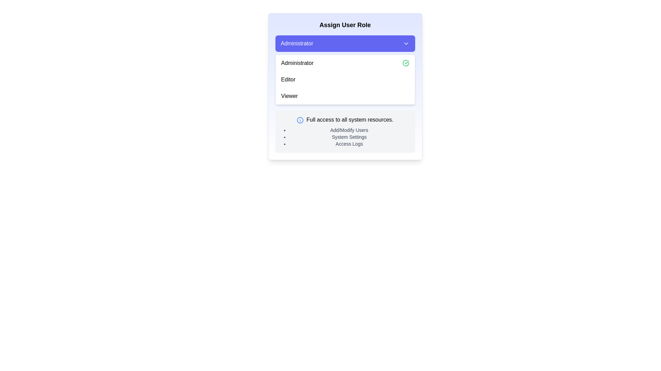 Image resolution: width=661 pixels, height=371 pixels. What do you see at coordinates (349, 144) in the screenshot?
I see `text from the static label that indicates a section related to accessing logs, which is the third item in a bulleted list located at the bottom-center of the user interface` at bounding box center [349, 144].